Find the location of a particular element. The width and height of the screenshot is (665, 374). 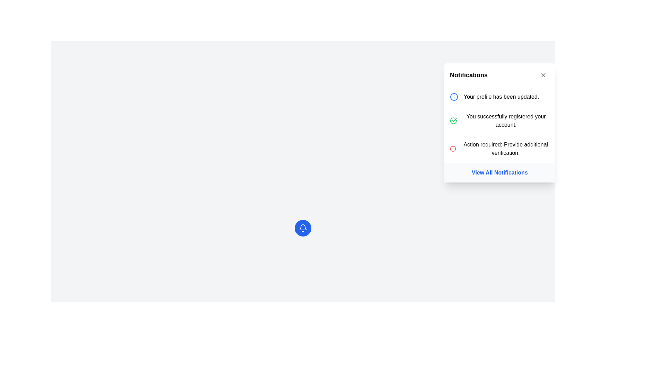

the 'X' button located in the top-right corner of the notification panel is located at coordinates (543, 75).